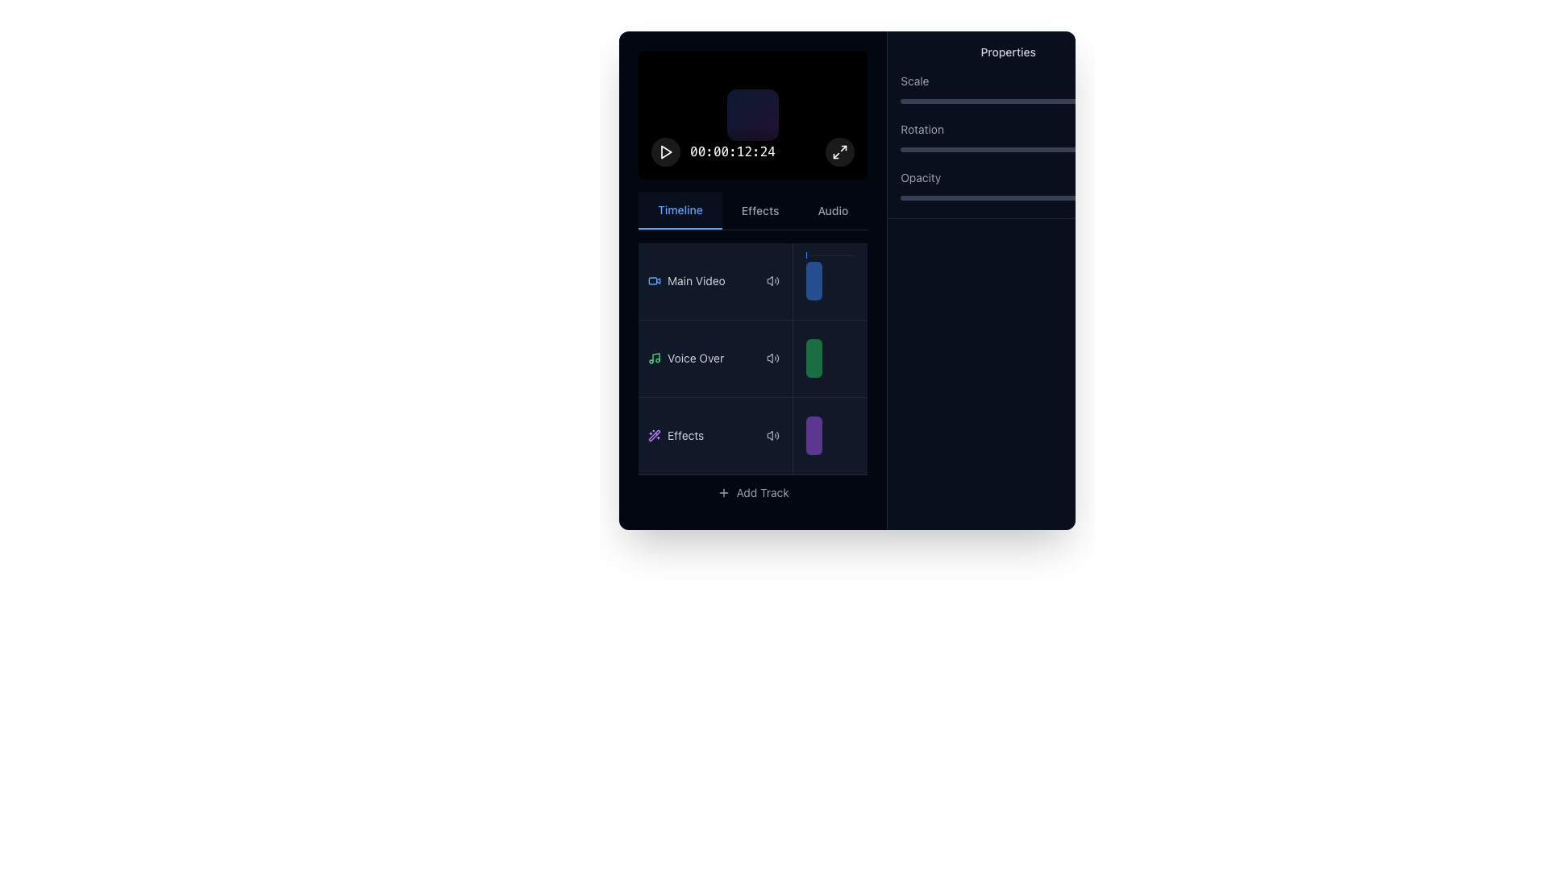 The width and height of the screenshot is (1548, 870). What do you see at coordinates (722, 491) in the screenshot?
I see `the plus symbol icon within the 'Add Track' button located at the bottom of the timeline panel` at bounding box center [722, 491].